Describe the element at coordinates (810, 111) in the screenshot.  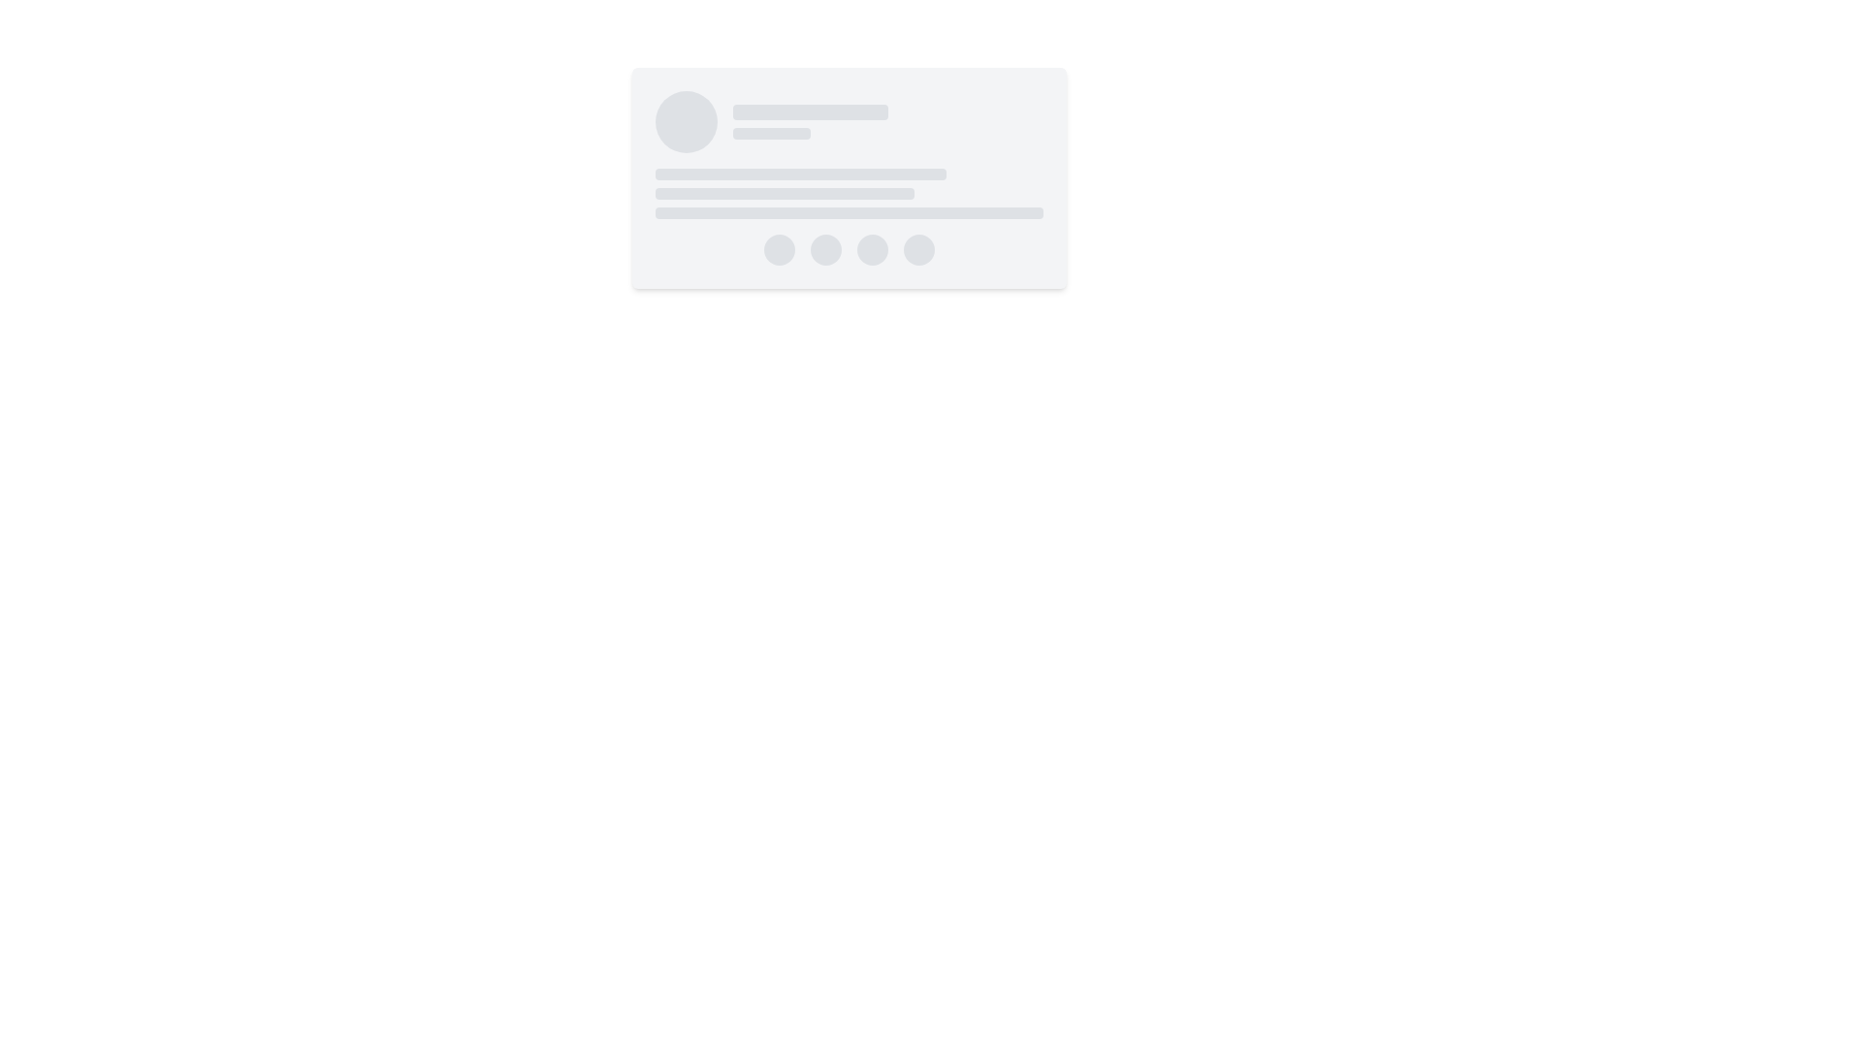
I see `the Placeholder (loading indicator) element, which serves as a loading indicator for content that is not yet available, located in the upper left quadrant of the layout` at that location.